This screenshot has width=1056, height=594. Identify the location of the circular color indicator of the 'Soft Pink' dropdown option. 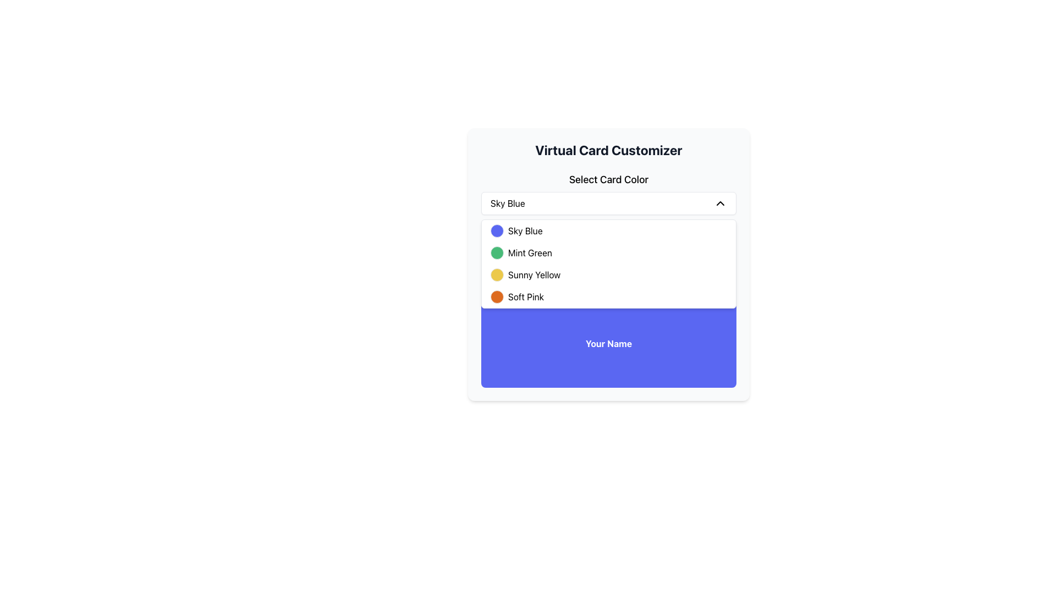
(608, 297).